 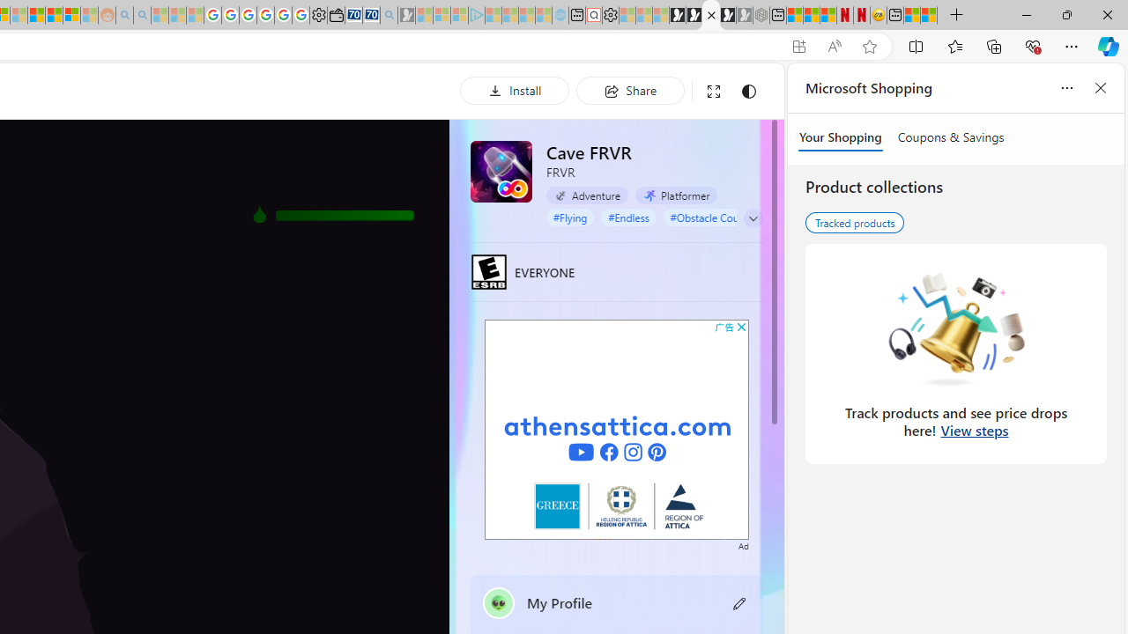 I want to click on '""', so click(x=497, y=602).